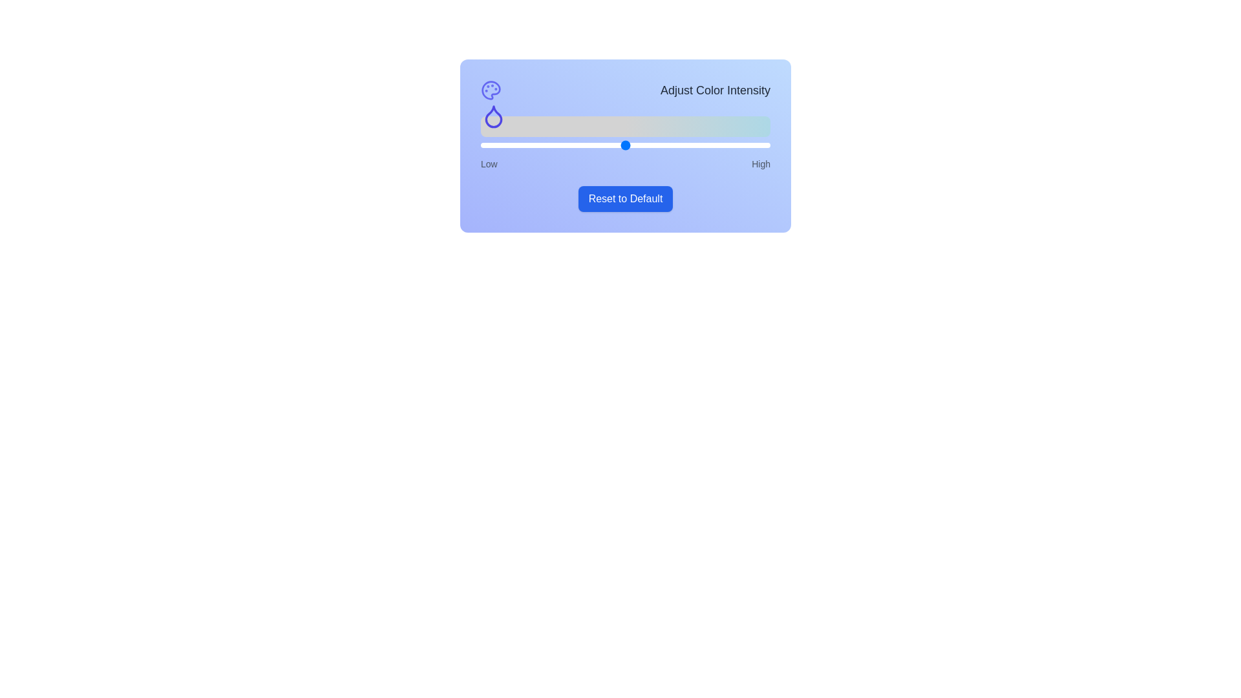  I want to click on the 'Reset to Default' button to reset the slider value, so click(626, 199).